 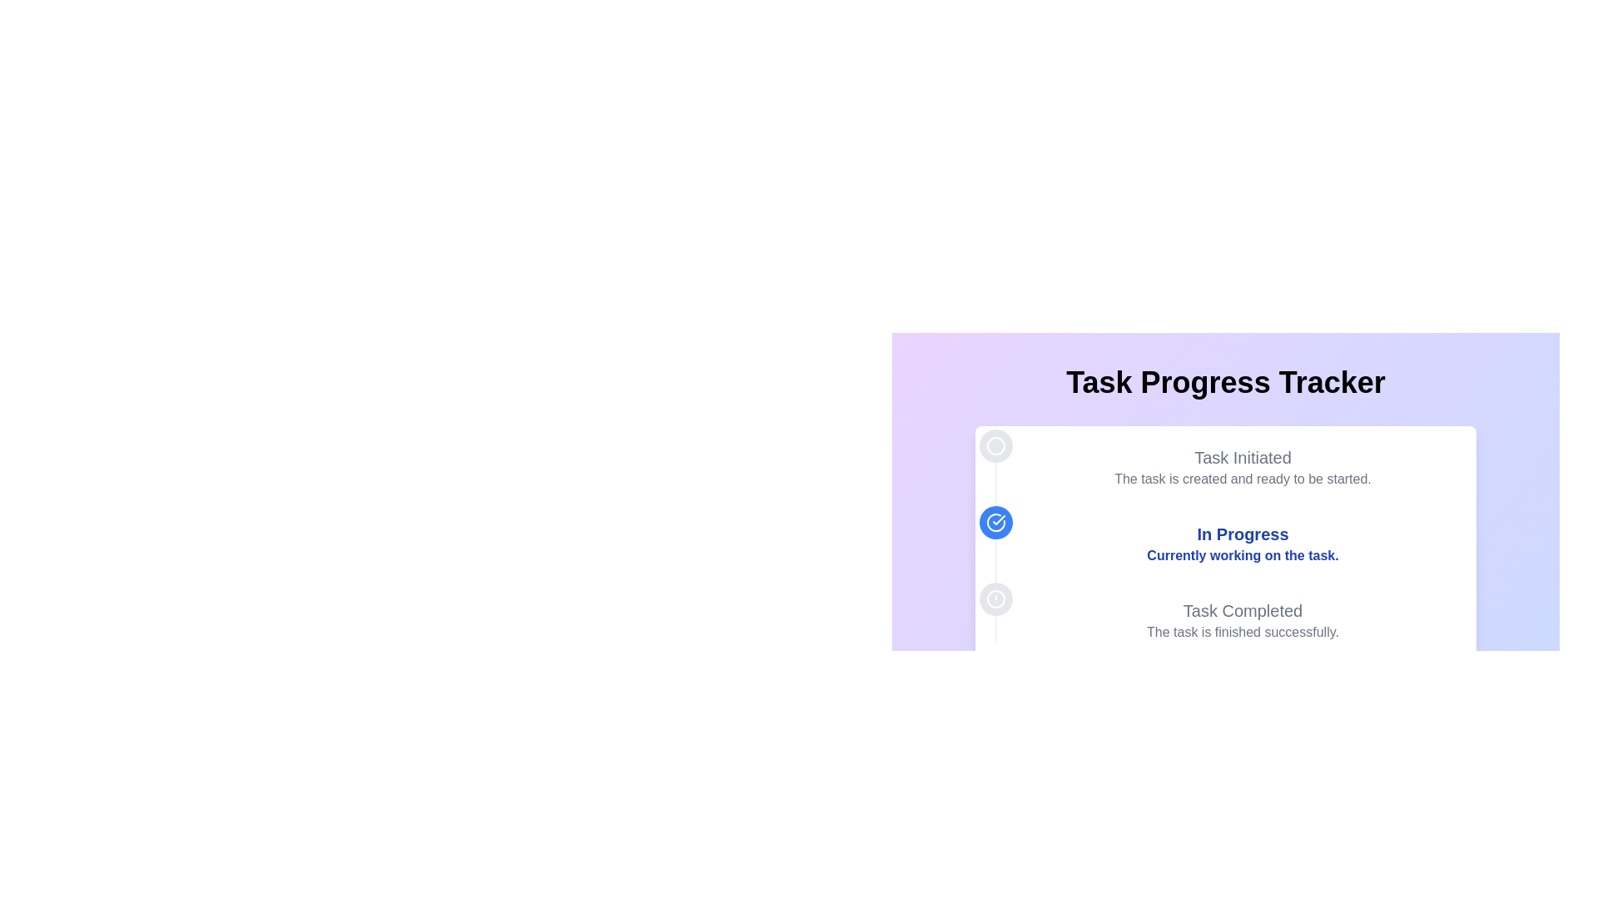 What do you see at coordinates (995, 522) in the screenshot?
I see `the second icon in the vertical timeline that indicates the 'In Progress' status of a task, located to the left of the text block displaying 'In Progress' and 'Currently working on the task.'` at bounding box center [995, 522].